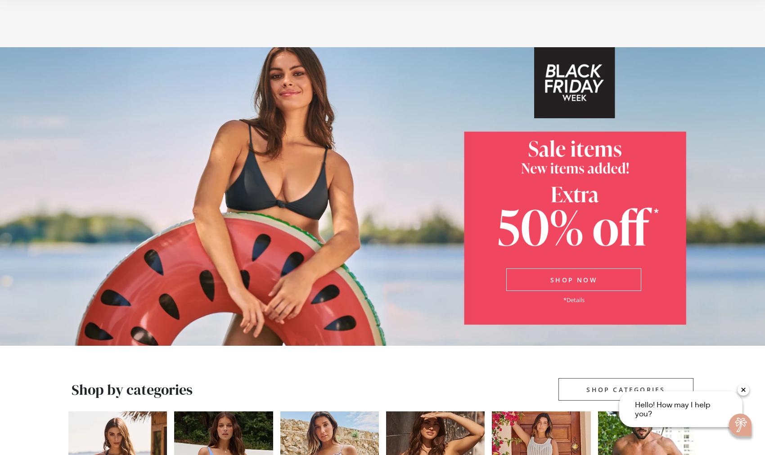  What do you see at coordinates (146, 33) in the screenshot?
I see `'Women'` at bounding box center [146, 33].